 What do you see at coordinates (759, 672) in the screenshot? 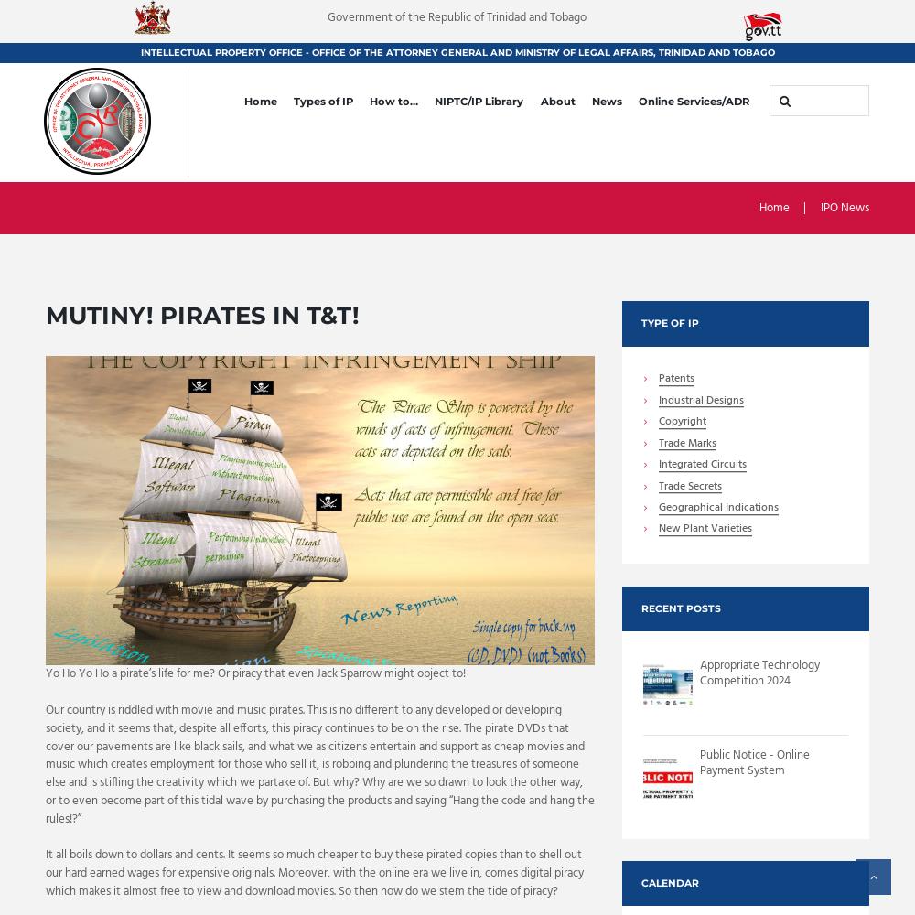
I see `'Appropriate Technology Competition 2024'` at bounding box center [759, 672].